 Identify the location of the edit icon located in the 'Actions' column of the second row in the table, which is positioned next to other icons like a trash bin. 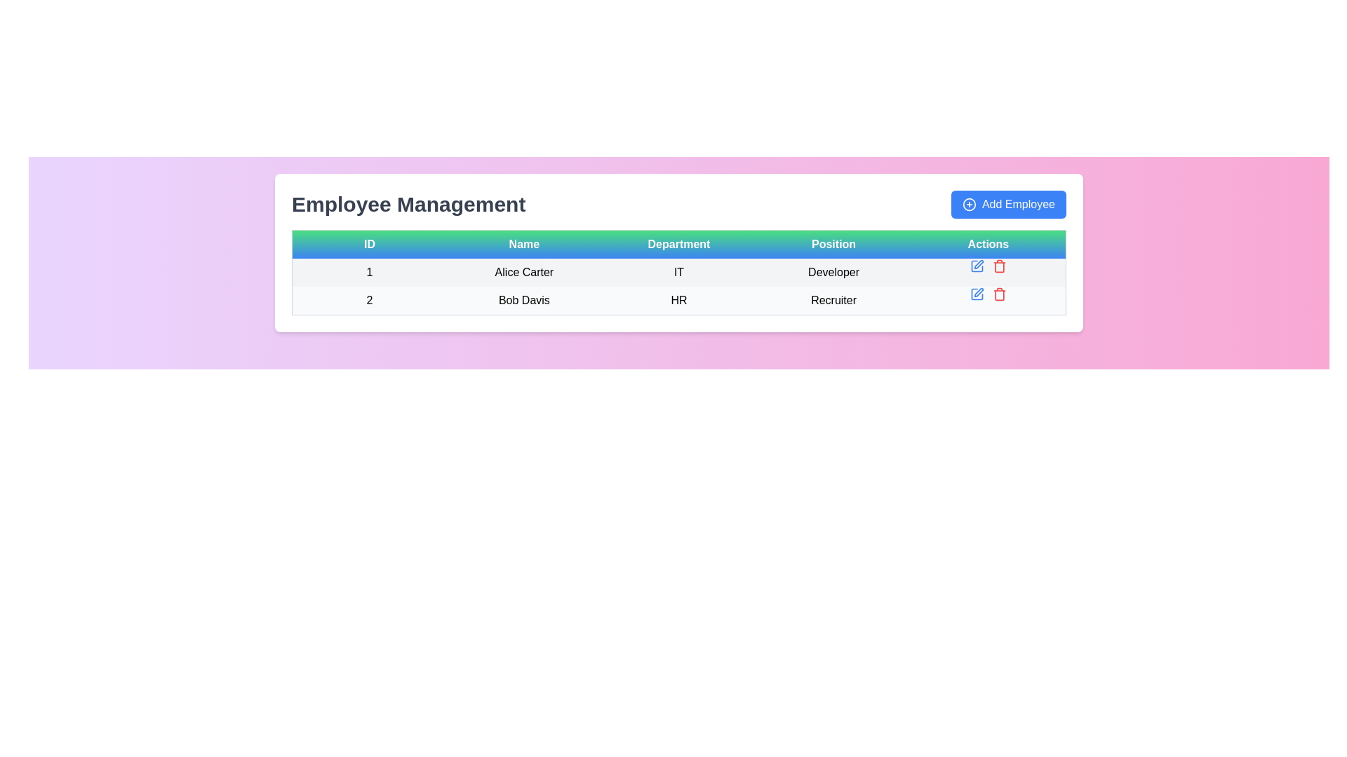
(976, 294).